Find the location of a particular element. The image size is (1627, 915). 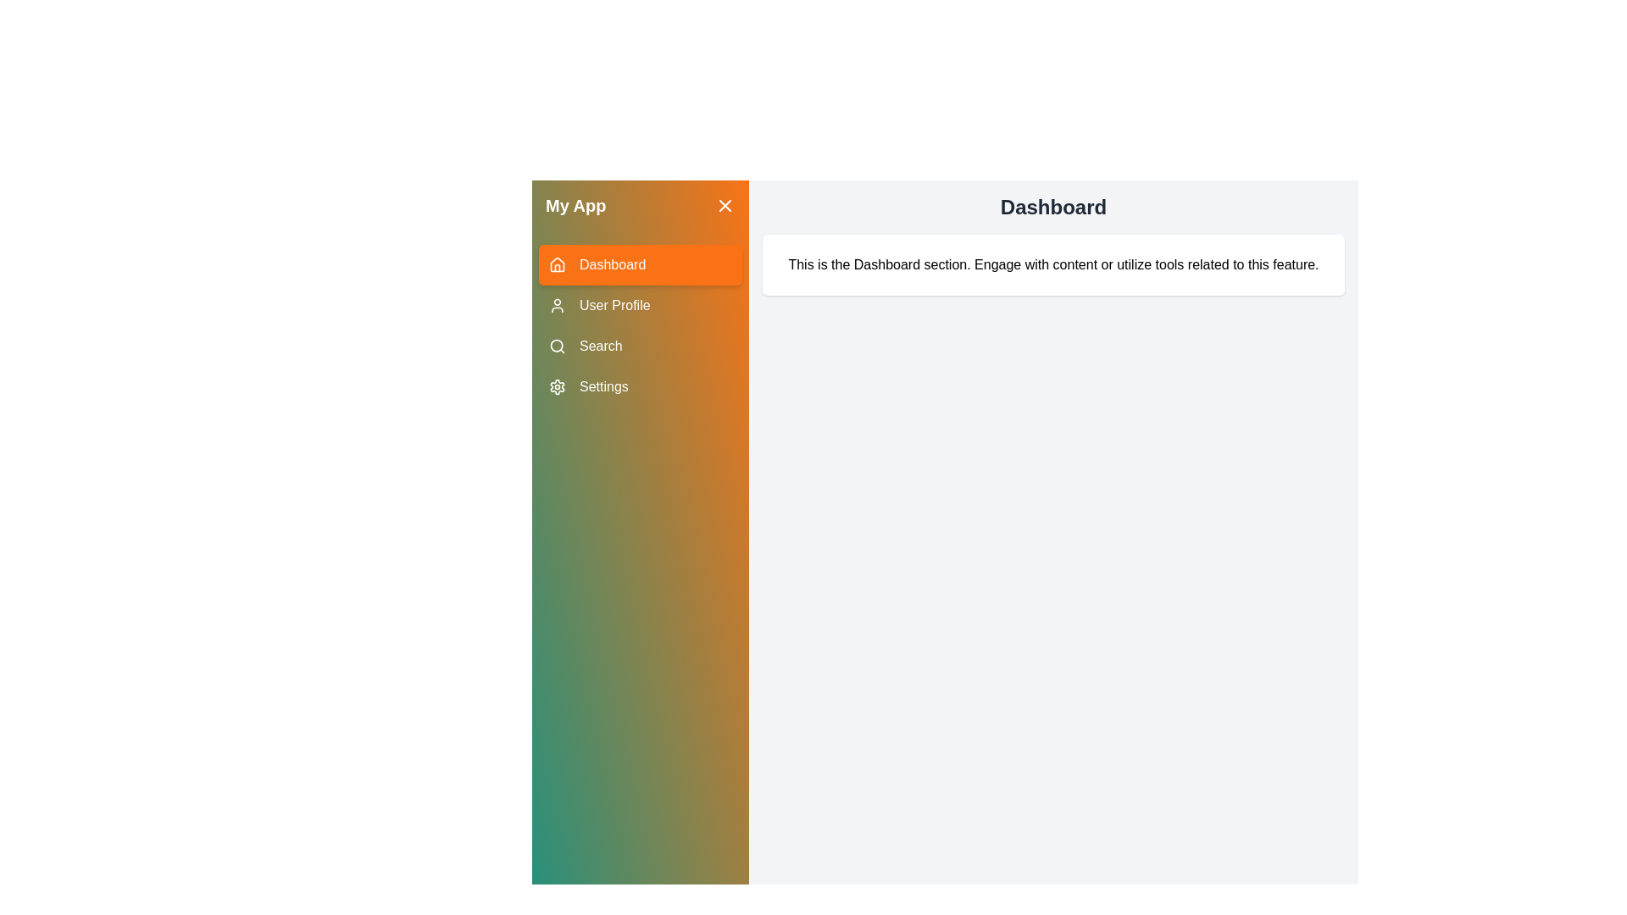

the 'X' button to close the side drawer is located at coordinates (725, 205).